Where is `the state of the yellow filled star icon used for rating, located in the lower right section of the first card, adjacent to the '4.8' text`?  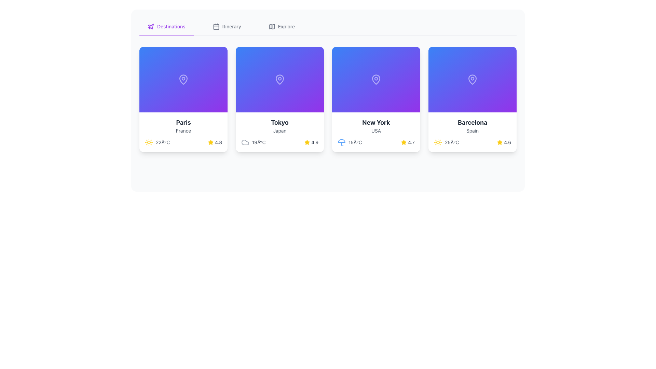
the state of the yellow filled star icon used for rating, located in the lower right section of the first card, adjacent to the '4.8' text is located at coordinates (210, 142).